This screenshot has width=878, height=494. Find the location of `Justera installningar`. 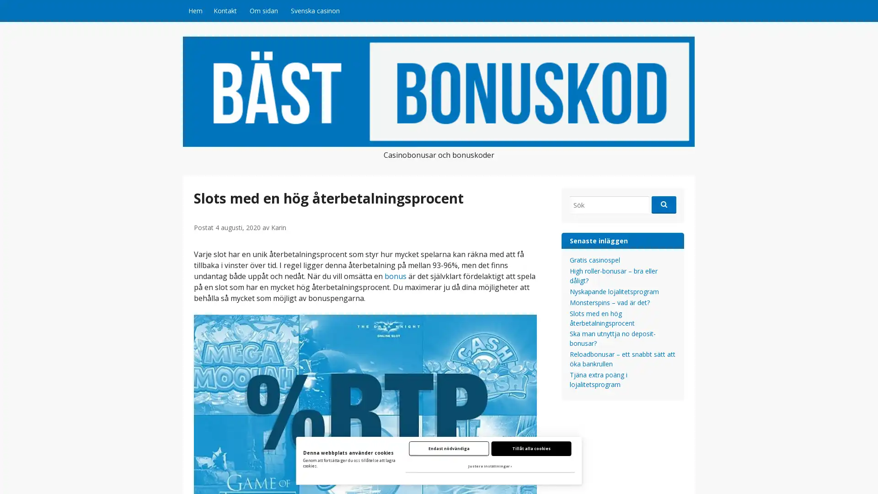

Justera installningar is located at coordinates (489, 466).